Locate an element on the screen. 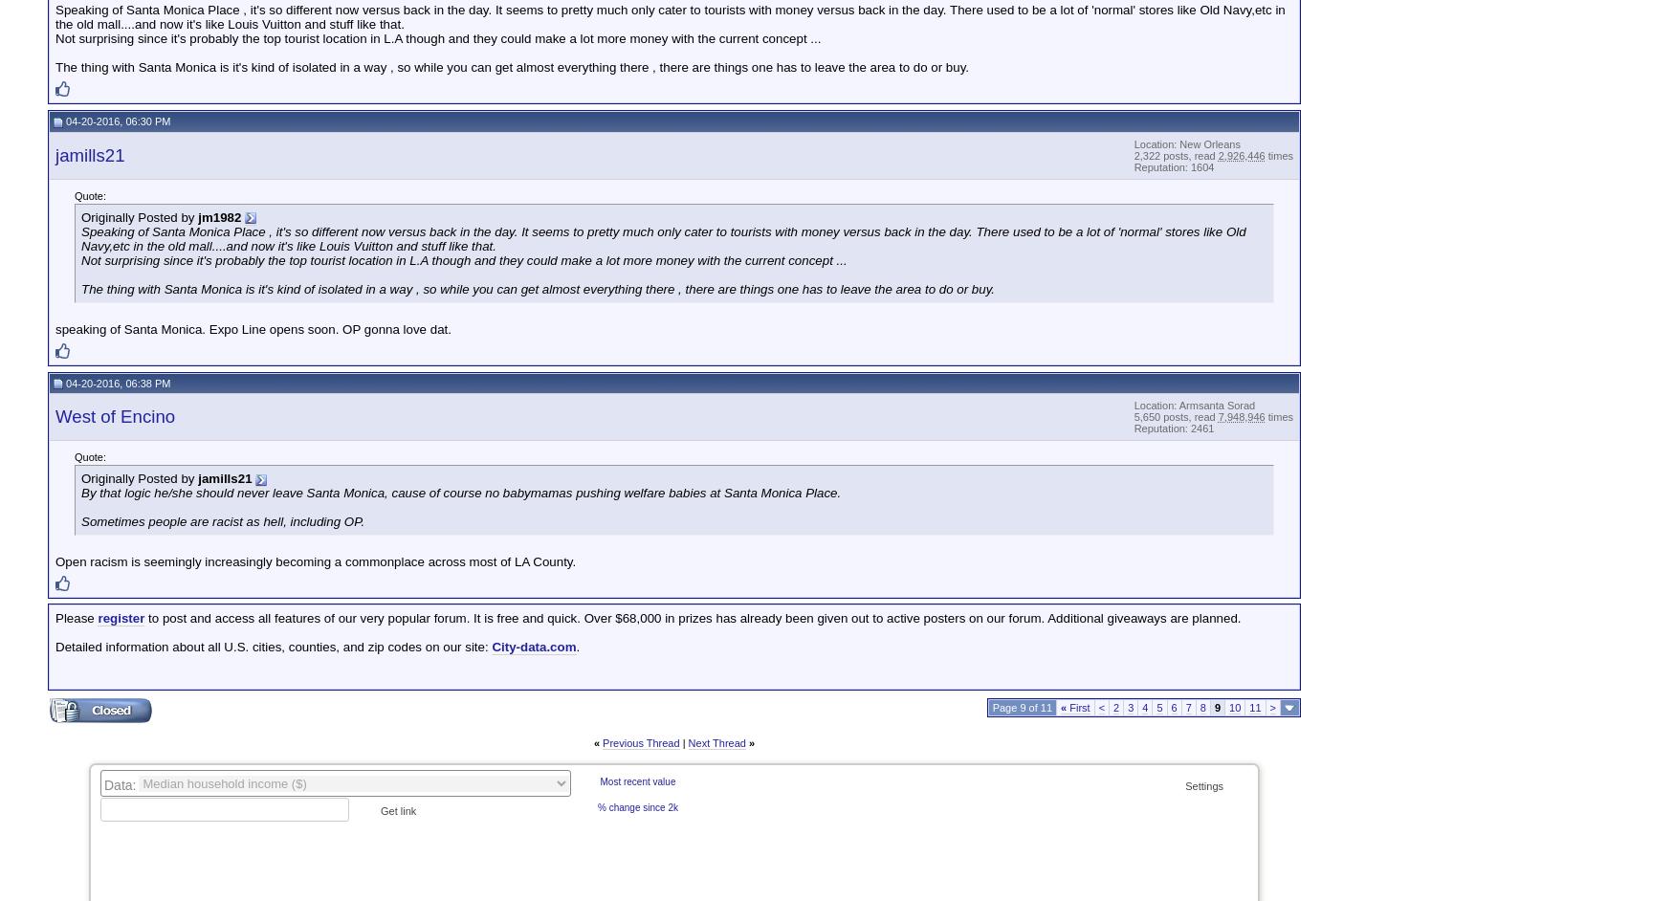  'Location: Armsanta Sorad' is located at coordinates (1194, 405).